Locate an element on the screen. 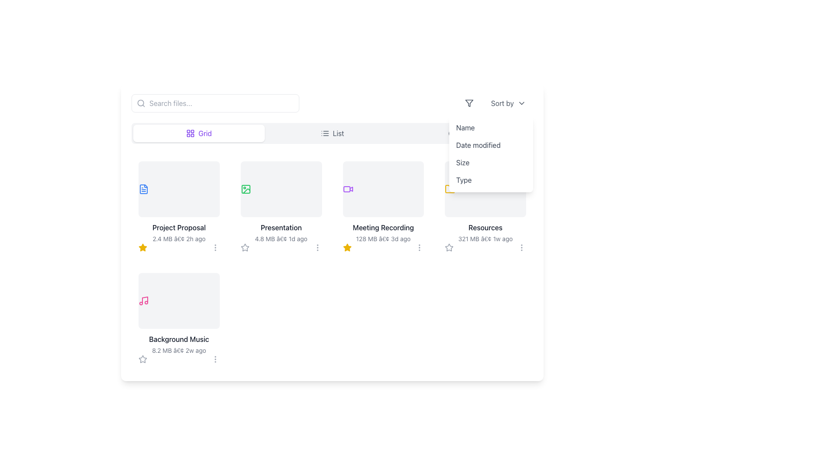 The width and height of the screenshot is (839, 471). the static text label displaying '2.4 MB • 2h ago', which is located directly beneath the 'Project Proposal' label, providing details about the file size and last modification time is located at coordinates (178, 239).